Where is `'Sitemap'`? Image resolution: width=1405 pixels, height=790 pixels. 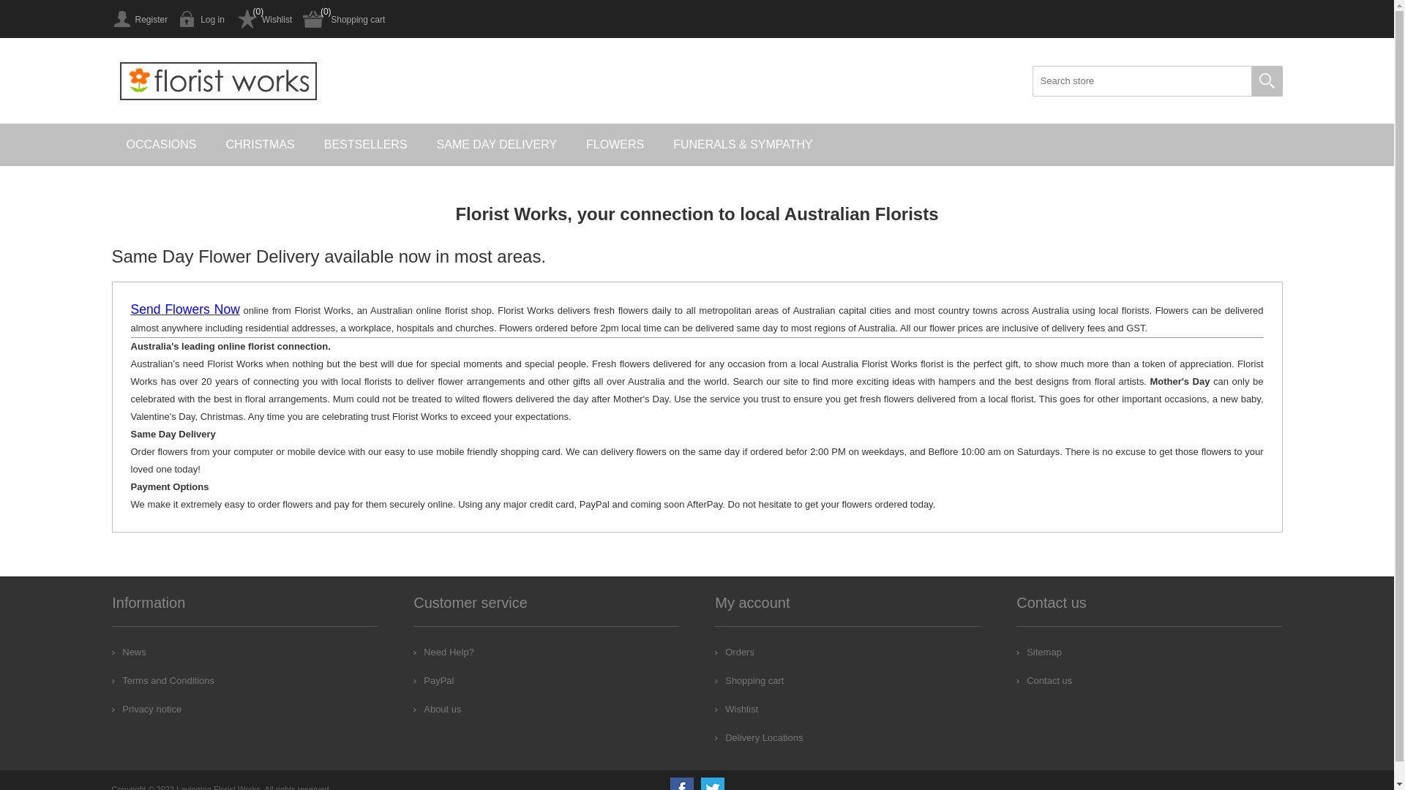 'Sitemap' is located at coordinates (1038, 651).